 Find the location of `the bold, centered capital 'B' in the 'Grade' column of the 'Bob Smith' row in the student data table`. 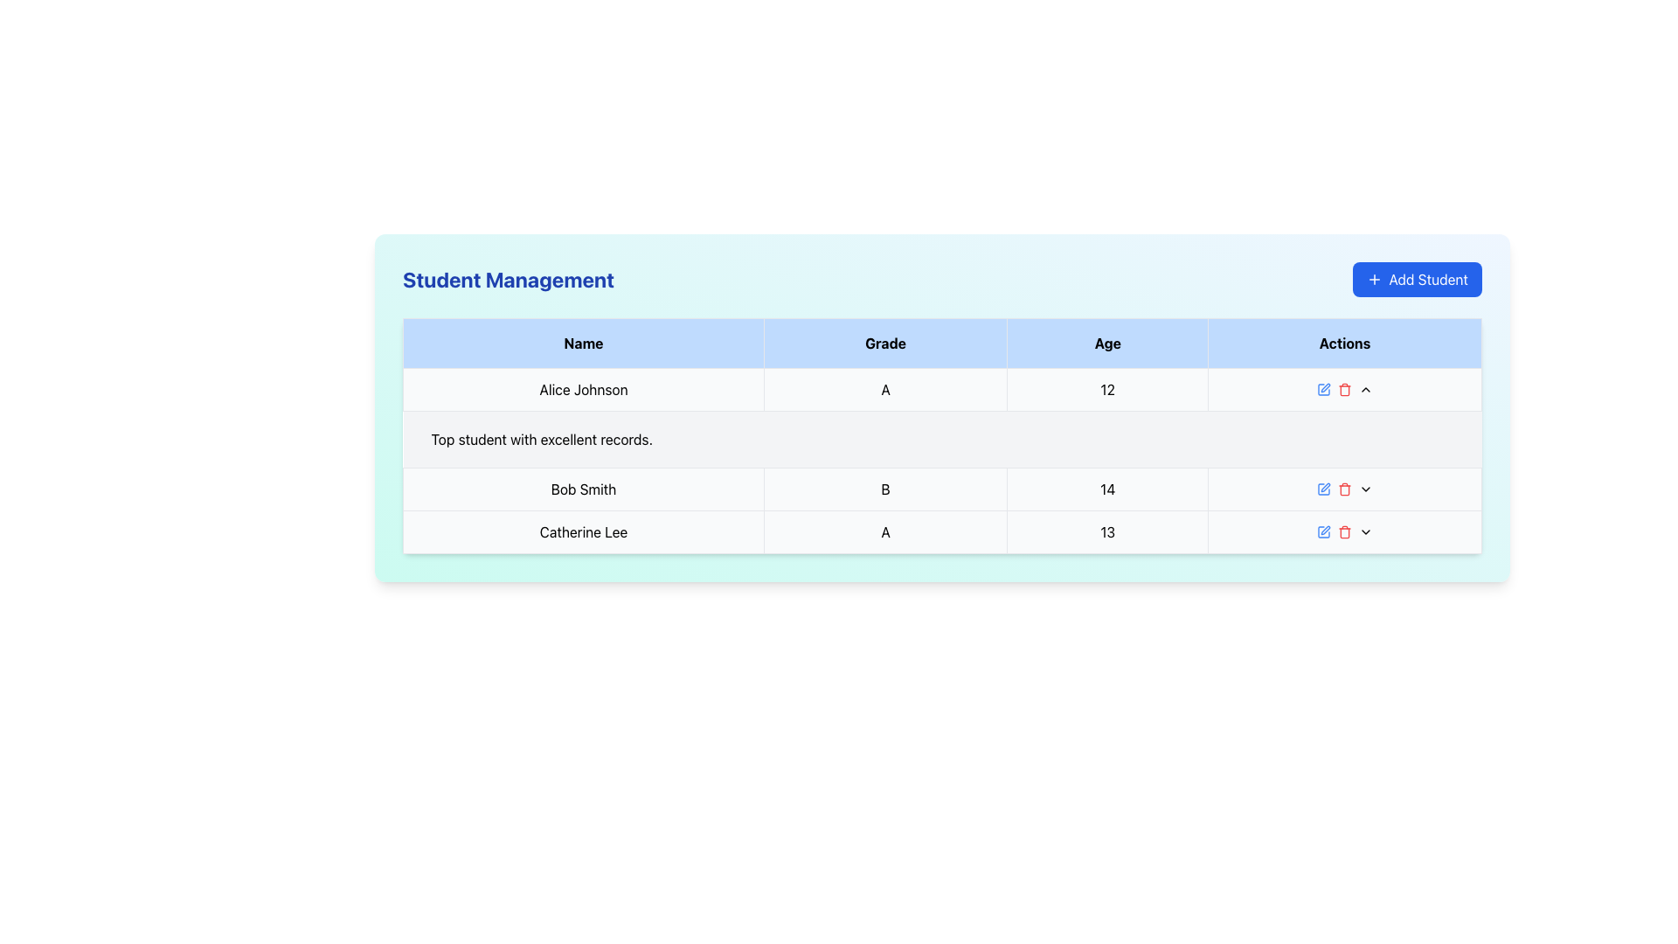

the bold, centered capital 'B' in the 'Grade' column of the 'Bob Smith' row in the student data table is located at coordinates (885, 489).